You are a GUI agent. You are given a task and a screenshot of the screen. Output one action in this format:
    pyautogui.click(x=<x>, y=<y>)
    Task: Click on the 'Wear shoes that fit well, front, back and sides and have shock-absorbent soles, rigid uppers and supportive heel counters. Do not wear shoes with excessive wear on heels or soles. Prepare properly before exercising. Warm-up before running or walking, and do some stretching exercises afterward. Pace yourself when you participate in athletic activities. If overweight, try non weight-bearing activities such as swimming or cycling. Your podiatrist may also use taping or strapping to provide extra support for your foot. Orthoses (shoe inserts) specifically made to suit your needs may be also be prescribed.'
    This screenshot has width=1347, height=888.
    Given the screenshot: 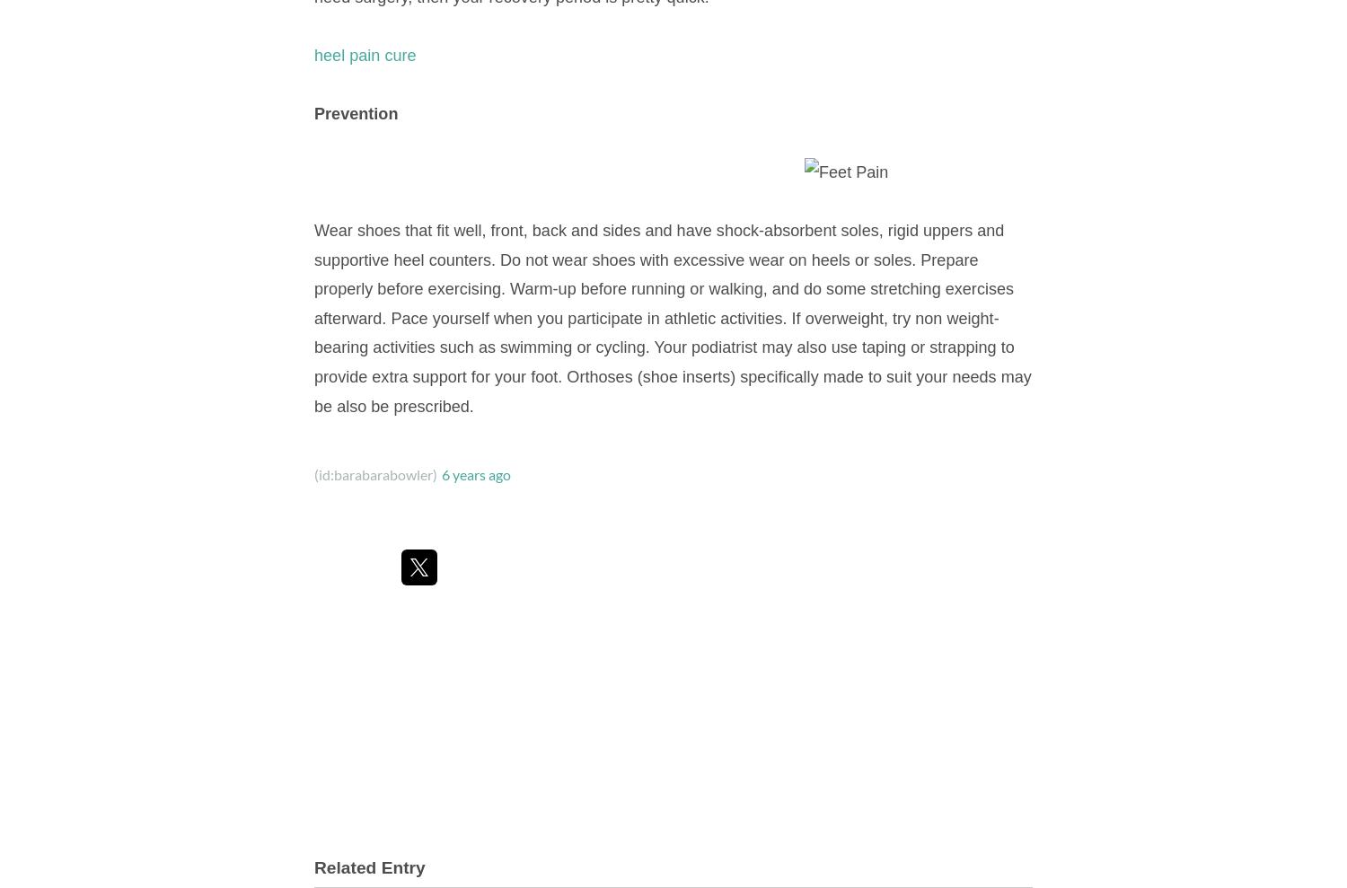 What is the action you would take?
    pyautogui.click(x=671, y=317)
    